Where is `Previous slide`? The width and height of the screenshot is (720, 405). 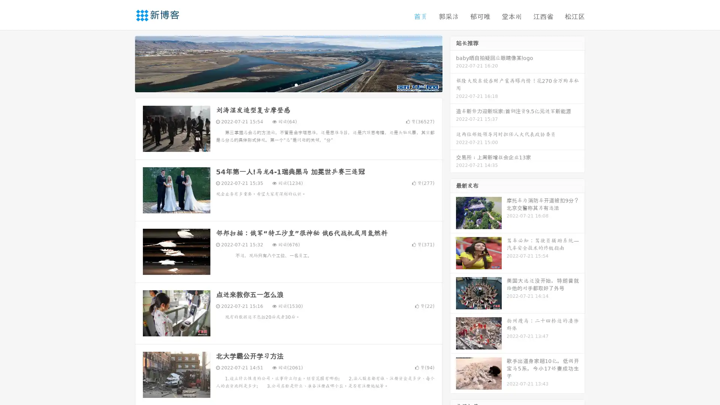
Previous slide is located at coordinates (124, 63).